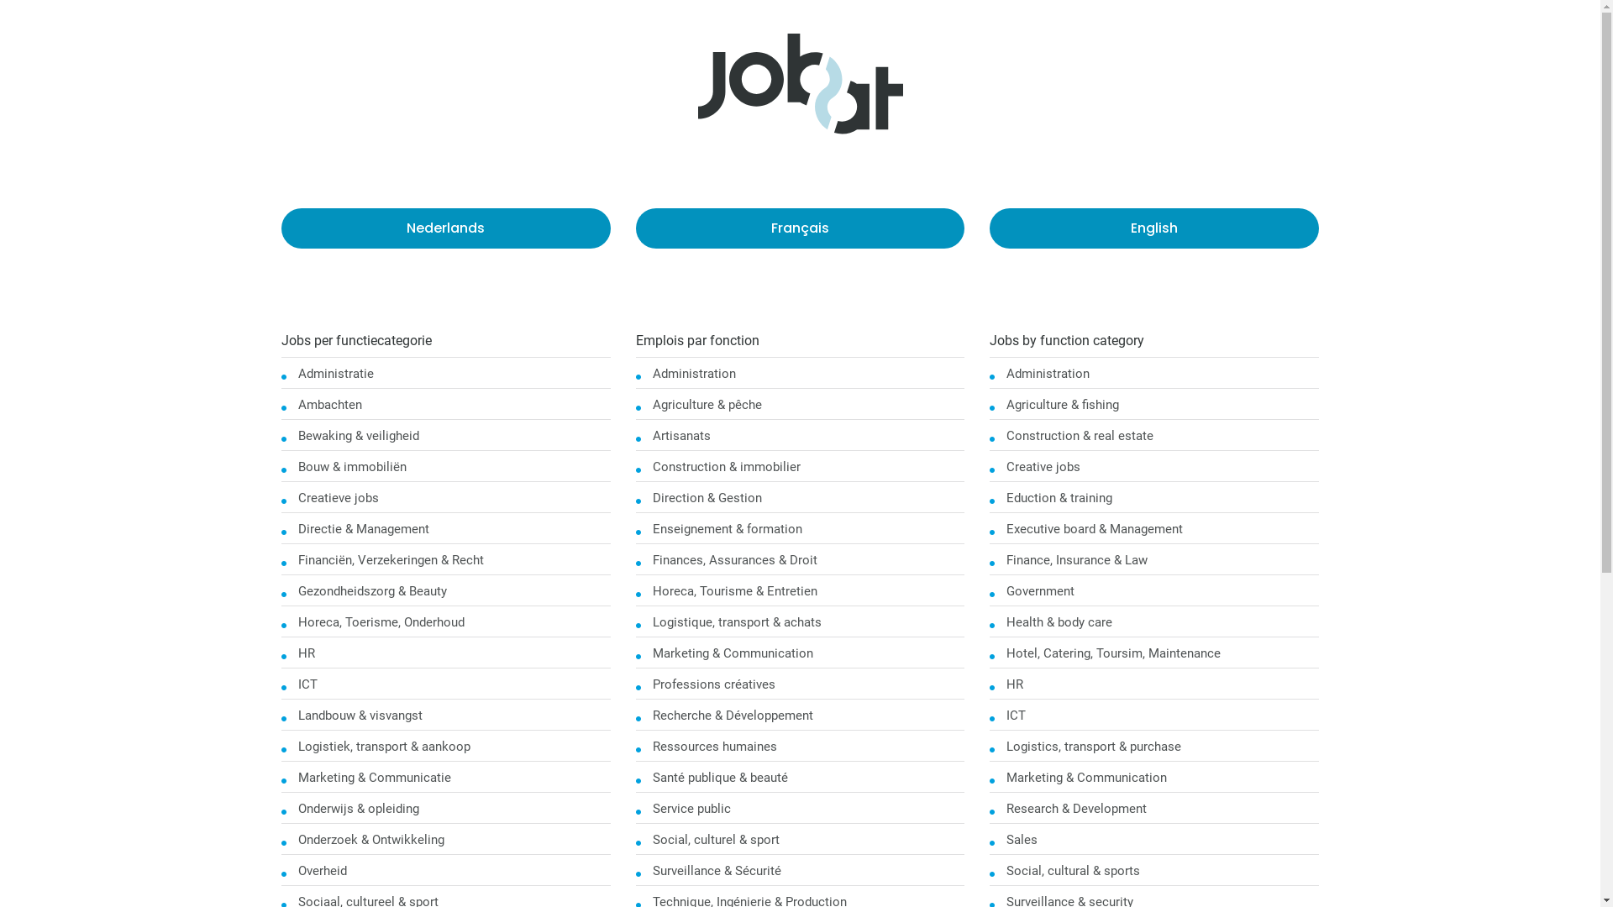 The image size is (1613, 907). What do you see at coordinates (714, 745) in the screenshot?
I see `'Ressources humaines'` at bounding box center [714, 745].